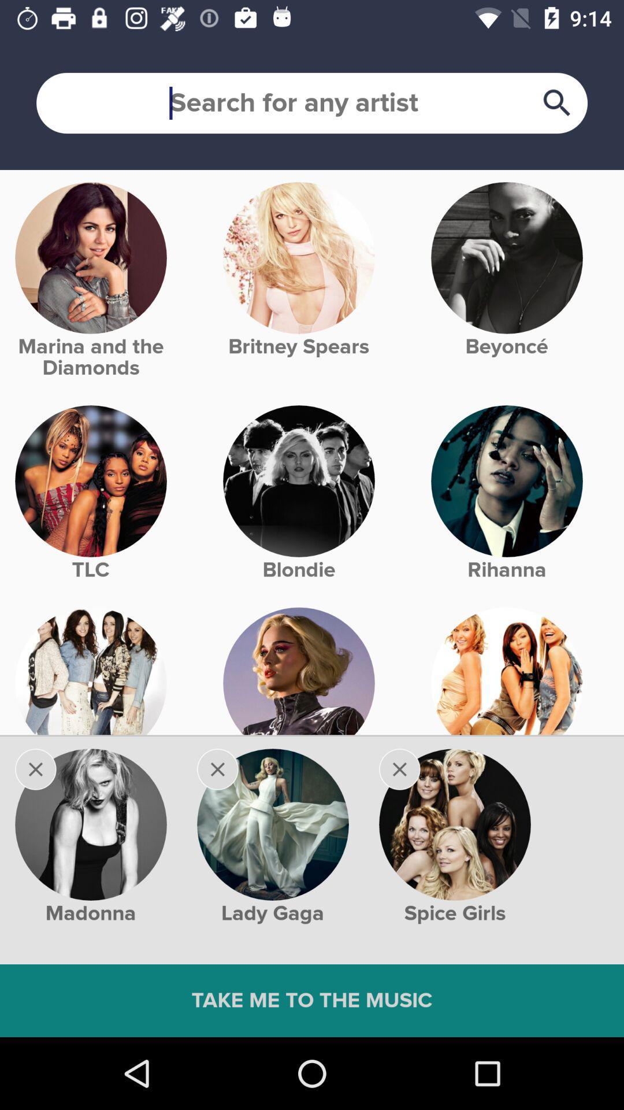 This screenshot has width=624, height=1110. Describe the element at coordinates (312, 103) in the screenshot. I see `search for any artist` at that location.